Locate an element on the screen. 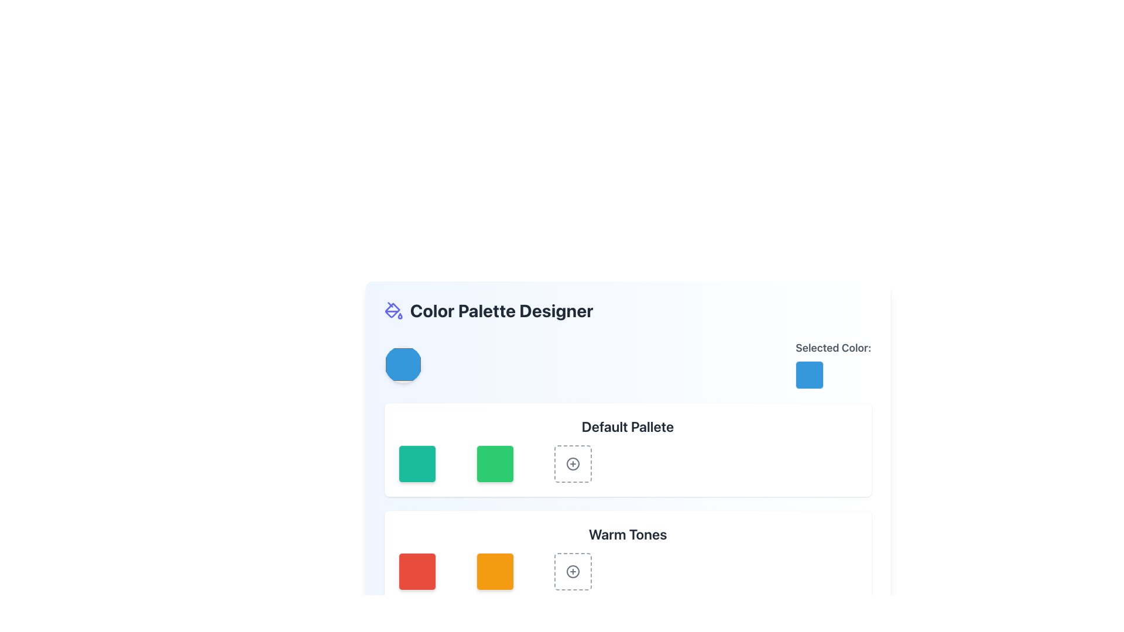 Image resolution: width=1124 pixels, height=632 pixels. the vibrant orange color swatch with rounded corners located under the 'Warm Tones' section of the 'Color Palette Designer' interface is located at coordinates (495, 571).